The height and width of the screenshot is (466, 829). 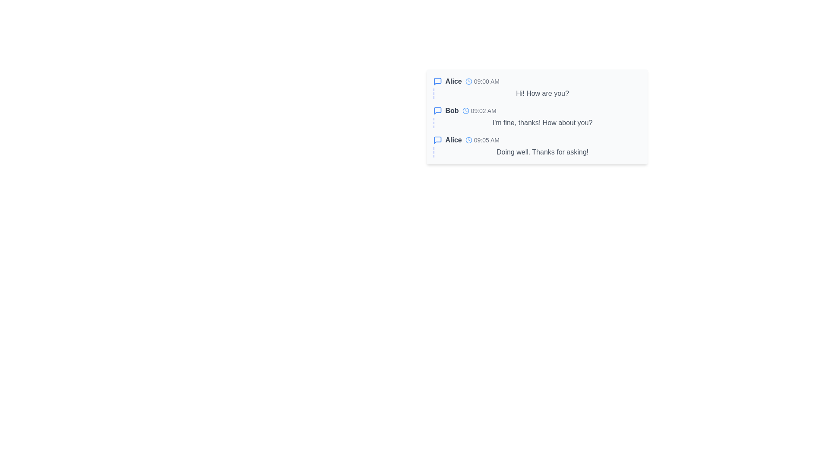 What do you see at coordinates (465, 110) in the screenshot?
I see `the clock icon located in the second row of the chat interface, immediately to the left of the '09:02 AM' timestamp for the message sent by 'Bob'` at bounding box center [465, 110].